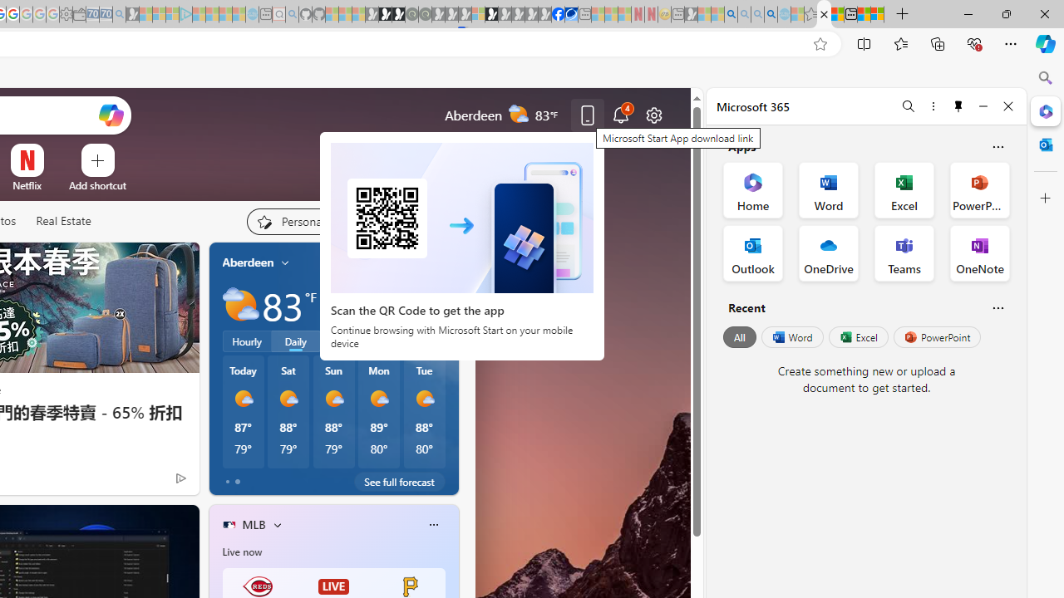 The image size is (1064, 598). Describe the element at coordinates (752, 189) in the screenshot. I see `'Home Office App'` at that location.